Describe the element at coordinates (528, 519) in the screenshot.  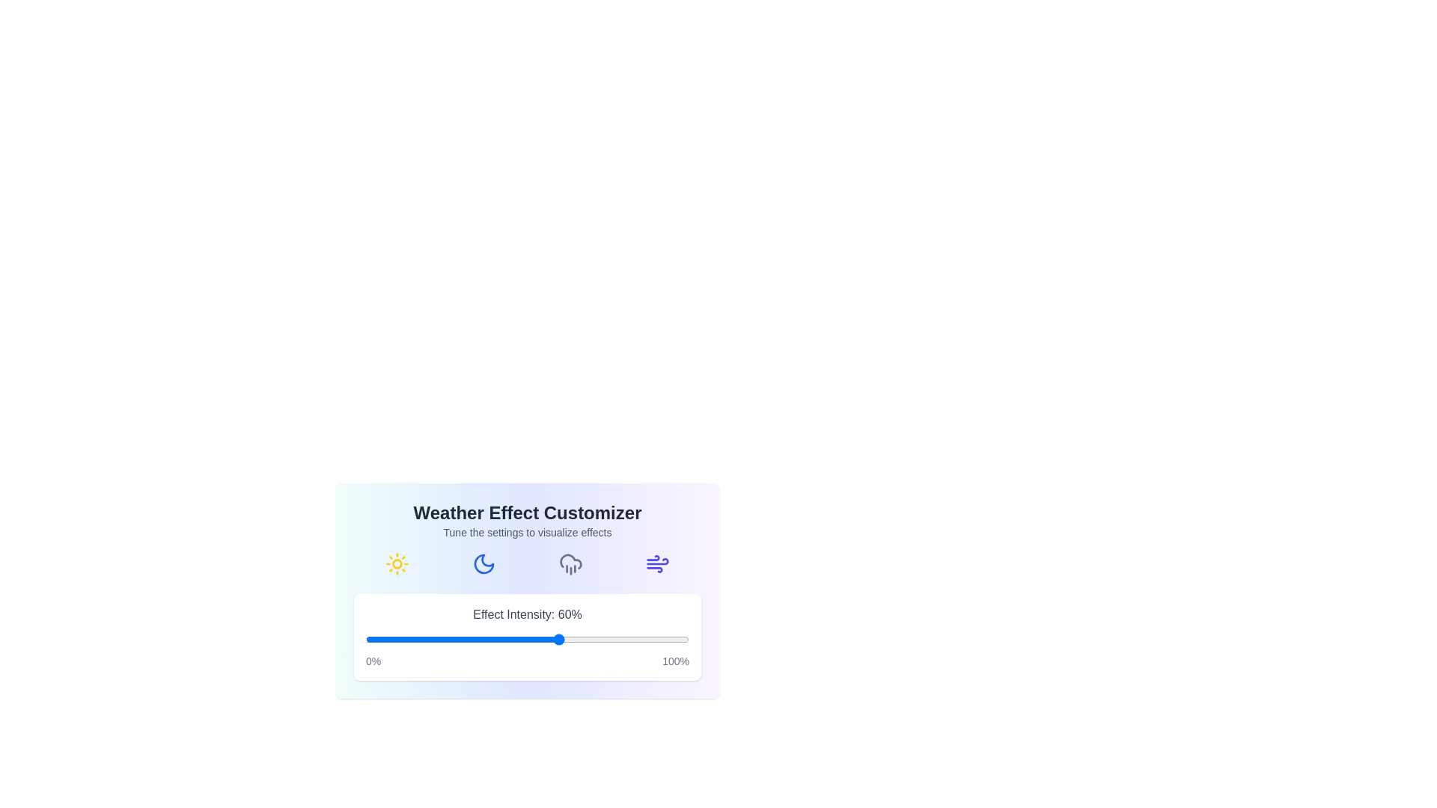
I see `the Text block that serves as the title and subtitle for the 'Weather Effect Customizer' interface, located at the top of the card-like section` at that location.